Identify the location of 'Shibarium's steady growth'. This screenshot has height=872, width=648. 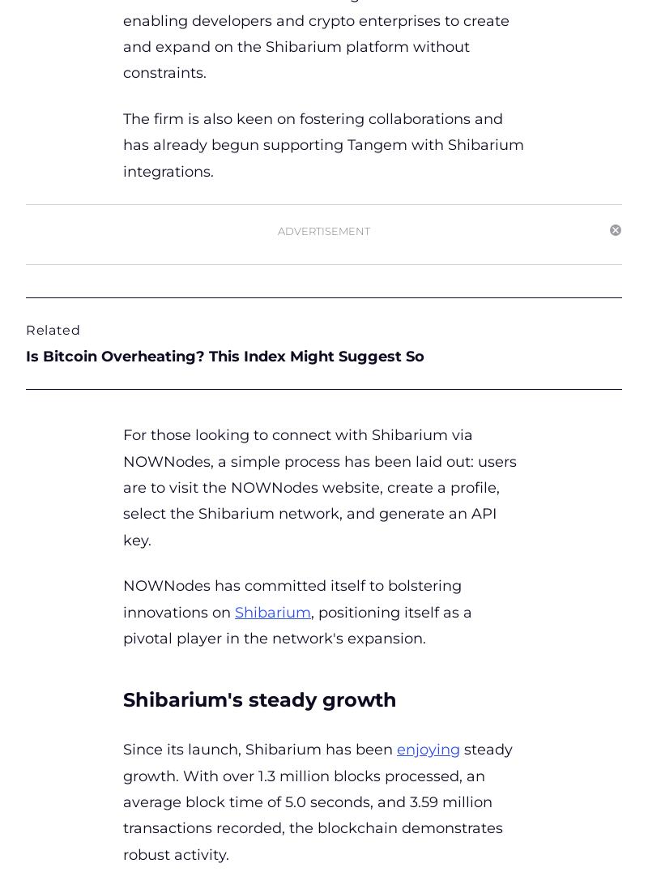
(262, 699).